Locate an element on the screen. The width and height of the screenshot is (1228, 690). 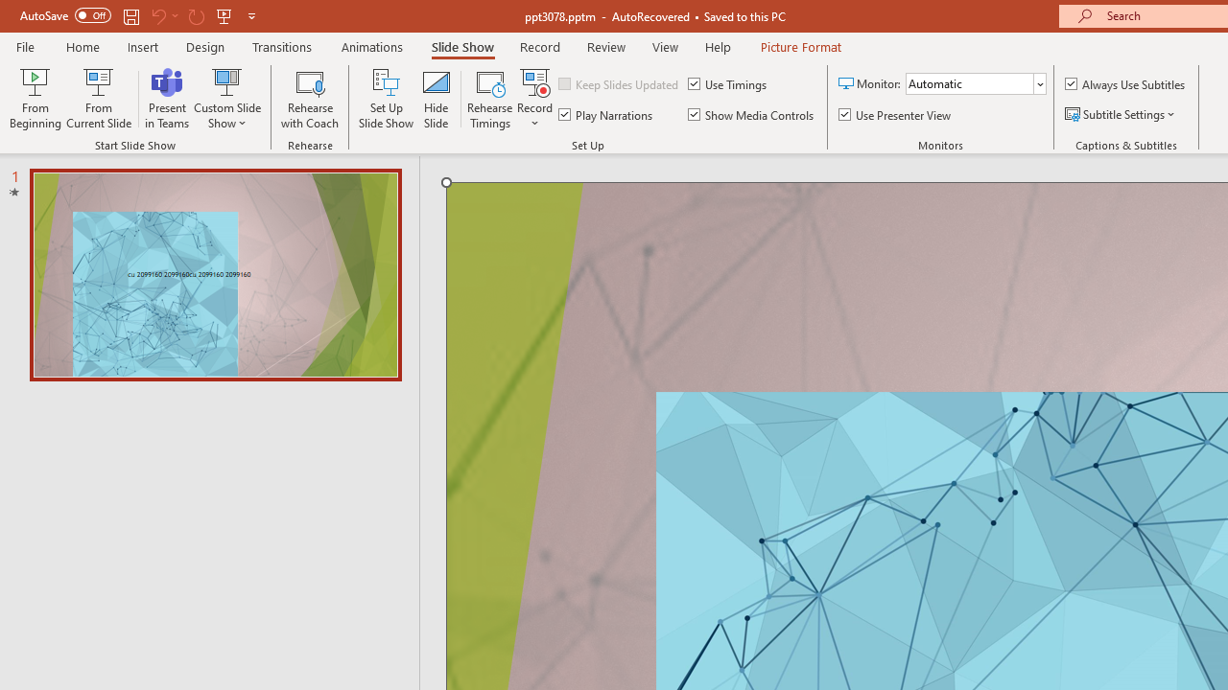
'Always Use Subtitles' is located at coordinates (1126, 82).